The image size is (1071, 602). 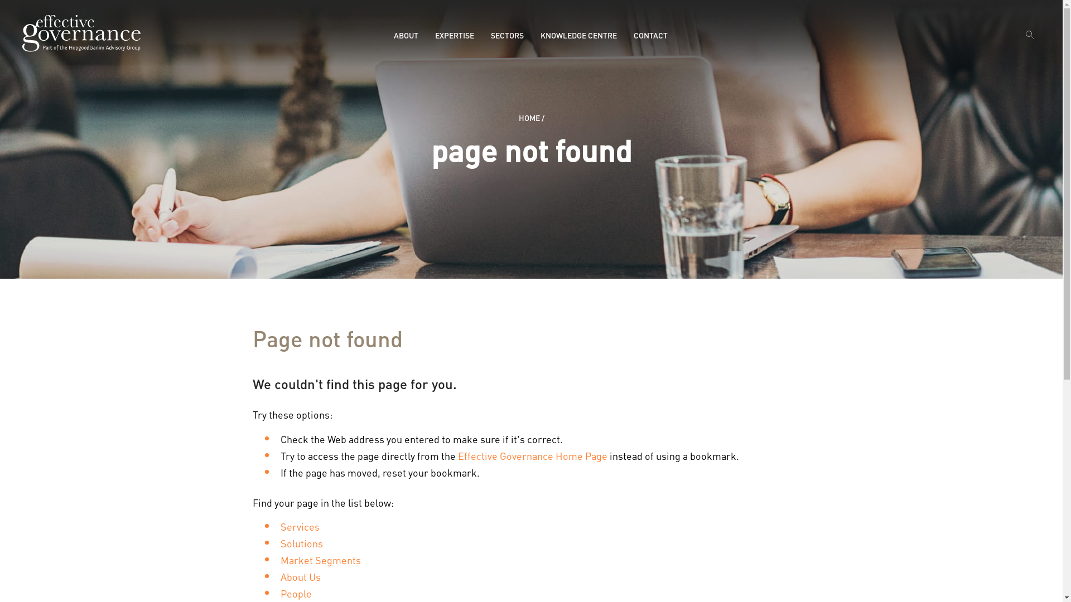 I want to click on 'ABOUT', so click(x=406, y=34).